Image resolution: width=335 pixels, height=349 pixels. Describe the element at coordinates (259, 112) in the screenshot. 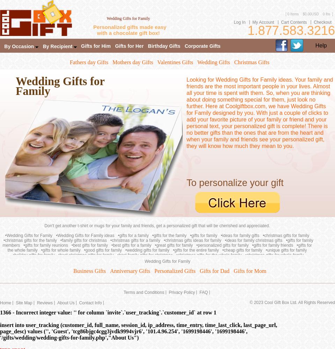

I see `'Looking for Wedding Gifts for Family ideas. Your family and friends are the most important people in your lives. Almost all your time is spent with them. So, when you are thinking about doing something special for them, just look no further. Here at Coolgiftbox.com, we have Wedding Gifts for Family designed by you. With just a couple of clicks to add your favorite picture of your family or friend and your personal text, your personalized gift is complete! There is no better gifts than the ones that are from the heart and when your family and friends see your personalized gift, they will know how much they mean to you.'` at that location.